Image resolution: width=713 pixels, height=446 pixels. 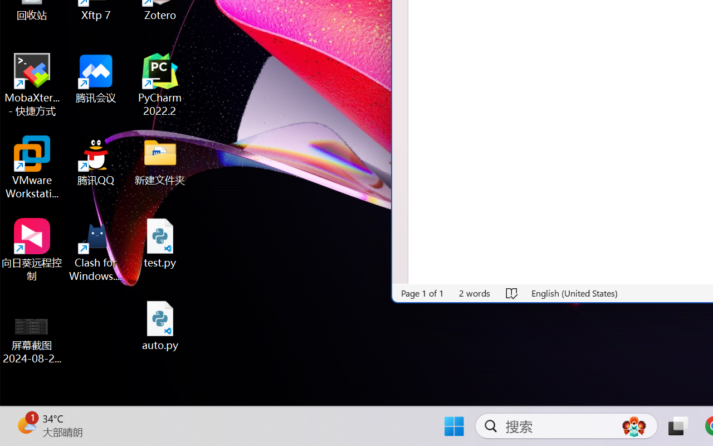 I want to click on 'test.py', so click(x=160, y=243).